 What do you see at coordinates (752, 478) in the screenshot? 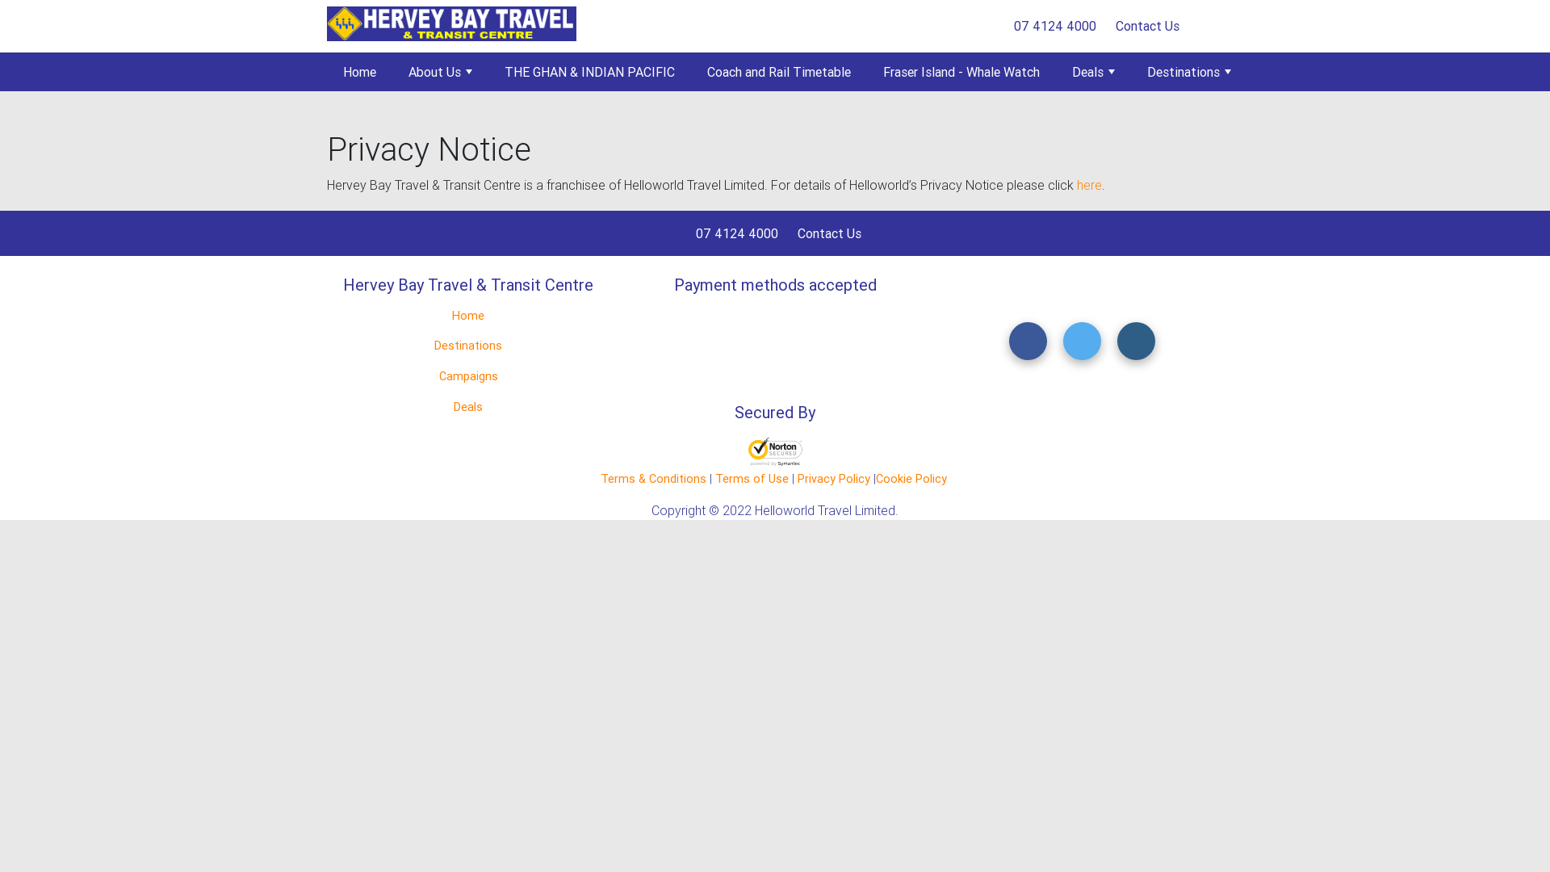
I see `'Terms of Use'` at bounding box center [752, 478].